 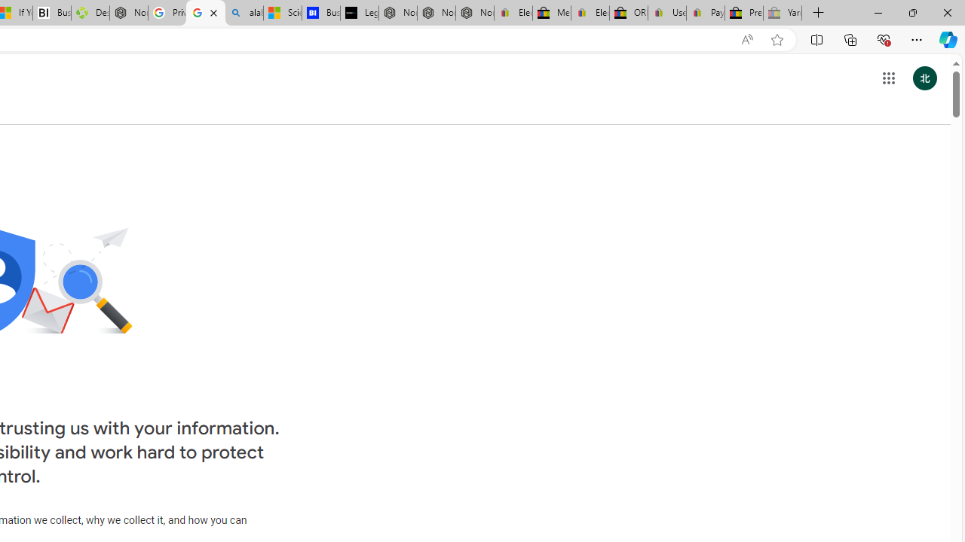 I want to click on 'Press Room - eBay Inc.', so click(x=744, y=13).